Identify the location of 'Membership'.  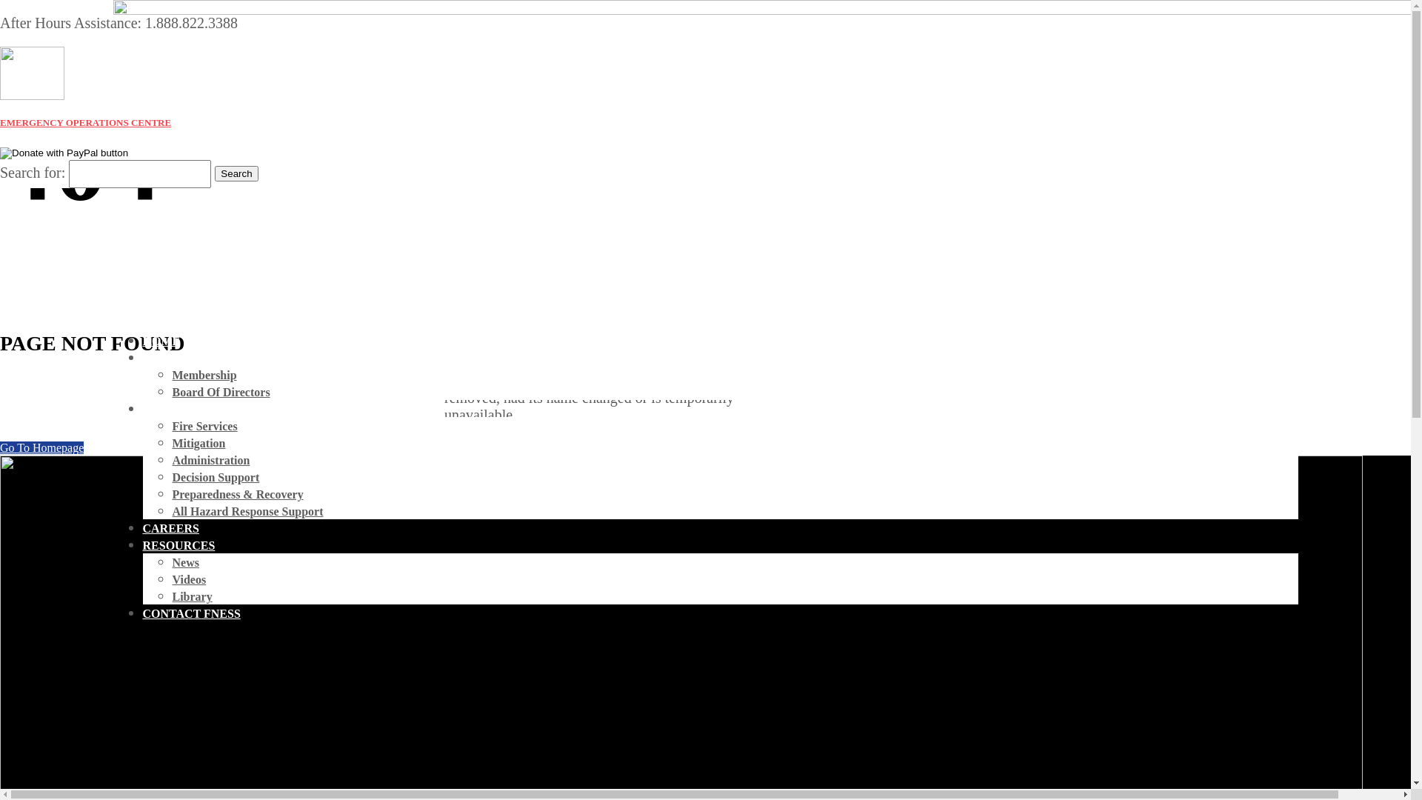
(203, 374).